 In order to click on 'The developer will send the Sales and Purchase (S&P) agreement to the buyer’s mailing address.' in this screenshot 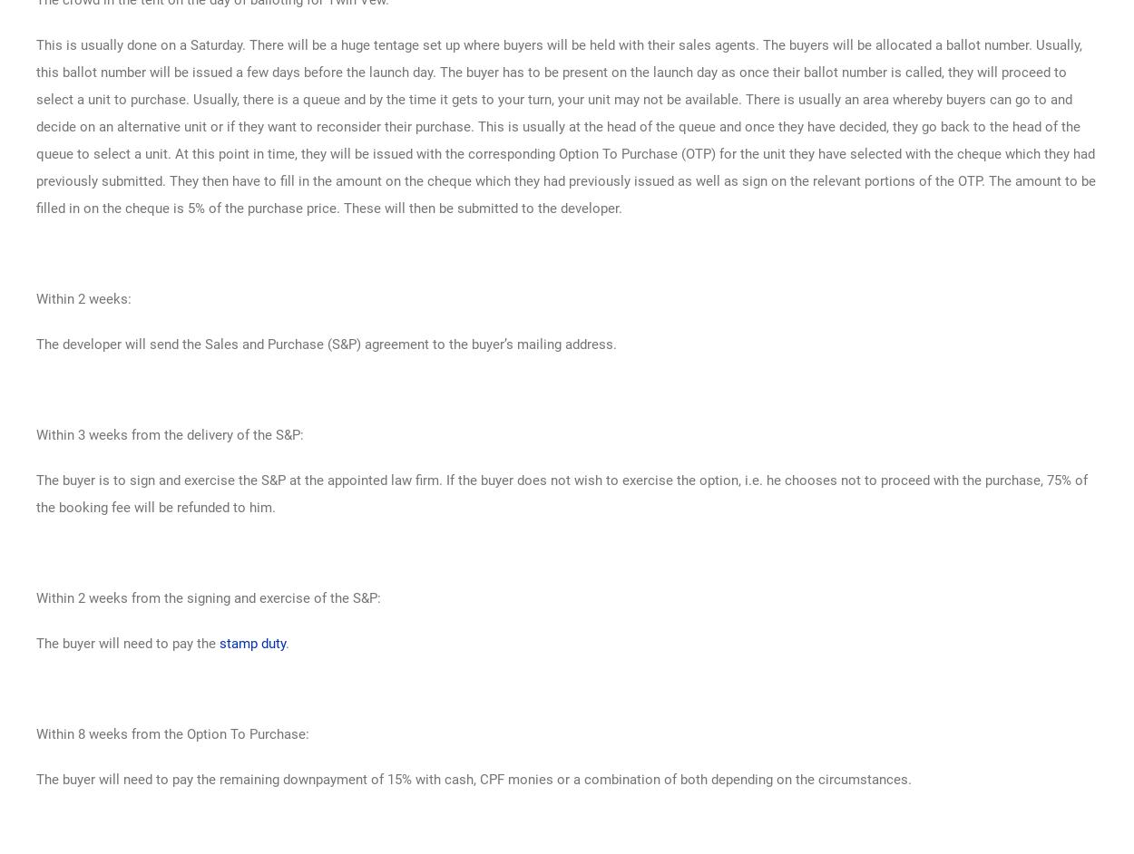, I will do `click(326, 343)`.